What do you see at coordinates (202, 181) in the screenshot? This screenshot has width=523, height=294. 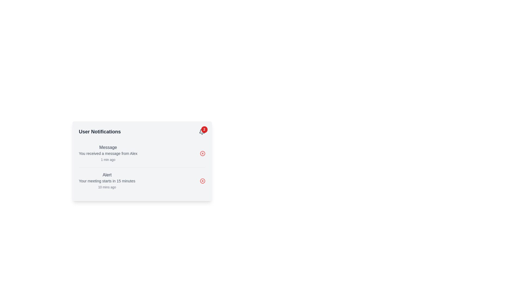 I see `the red circular icon with a stylized 'X' symbol located on the rightmost side of the second notification entry` at bounding box center [202, 181].